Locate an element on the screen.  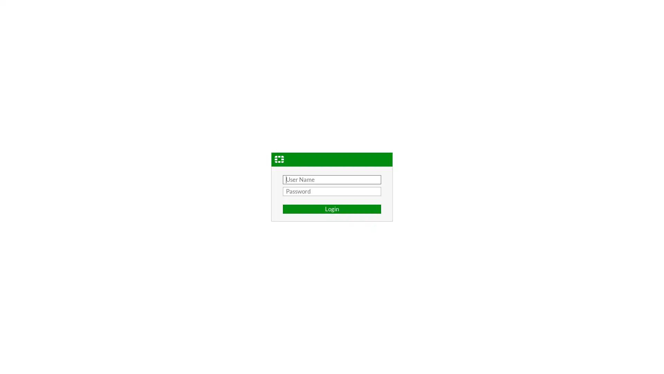
Login is located at coordinates (332, 209).